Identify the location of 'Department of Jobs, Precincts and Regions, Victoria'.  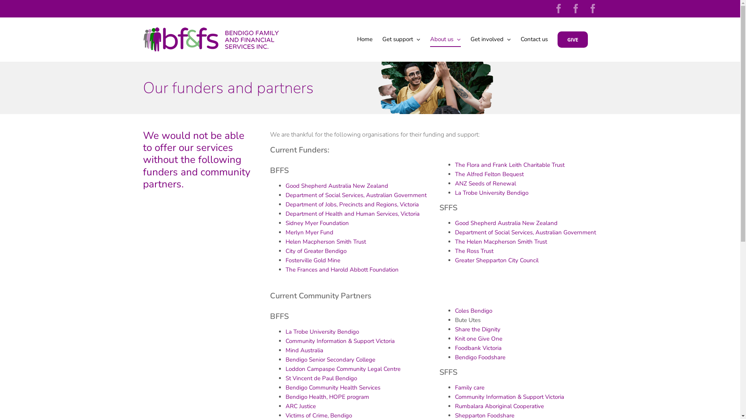
(352, 204).